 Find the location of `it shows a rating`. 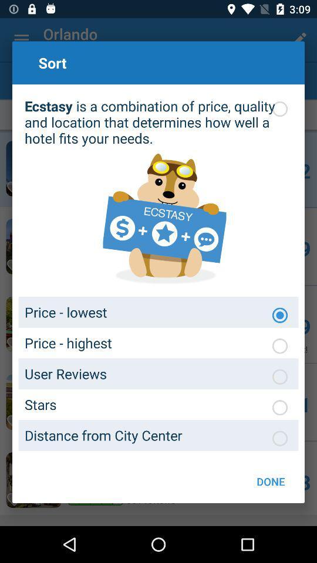

it shows a rating is located at coordinates (279, 408).